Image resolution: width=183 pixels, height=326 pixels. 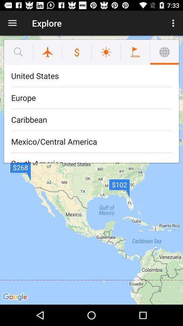 What do you see at coordinates (91, 97) in the screenshot?
I see `europe item` at bounding box center [91, 97].